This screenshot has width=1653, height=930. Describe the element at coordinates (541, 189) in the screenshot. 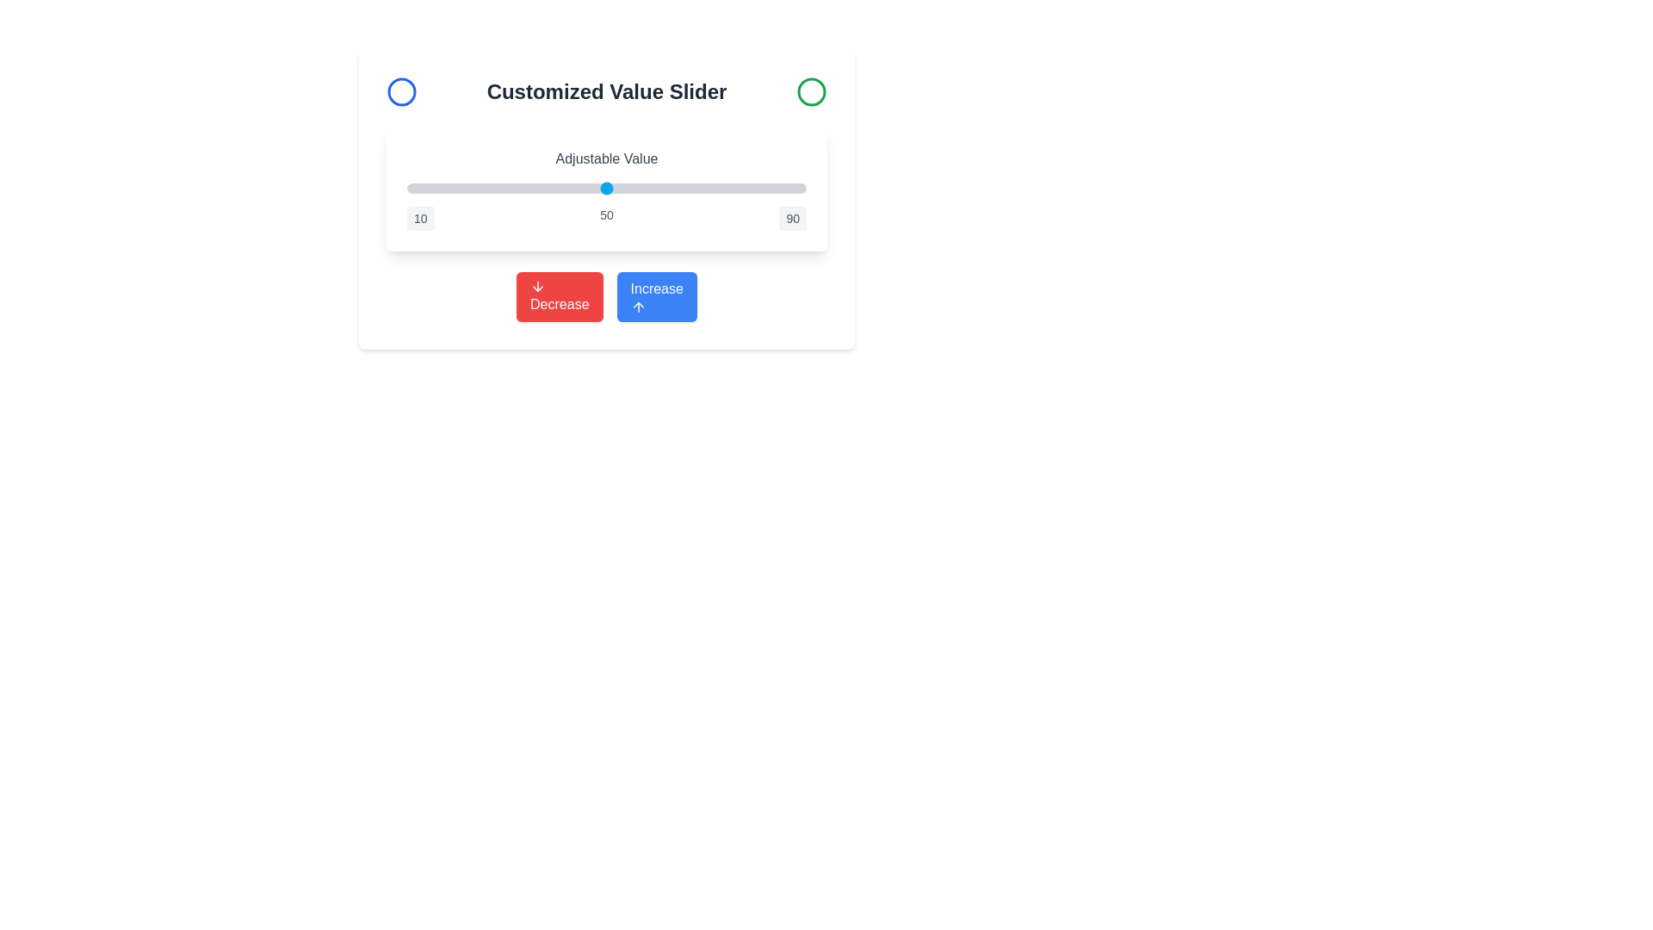

I see `adjustable value` at that location.